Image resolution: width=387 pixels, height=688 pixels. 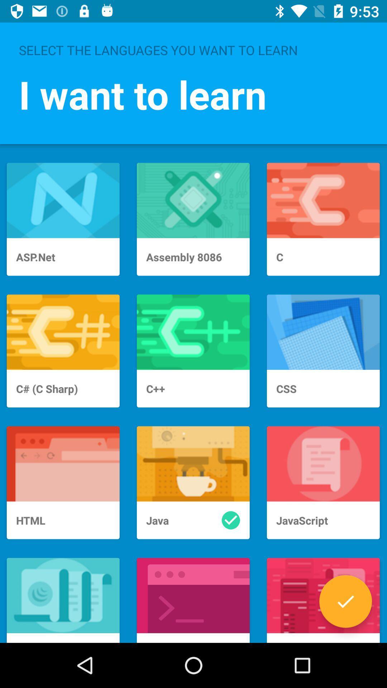 I want to click on accept option, so click(x=345, y=601).